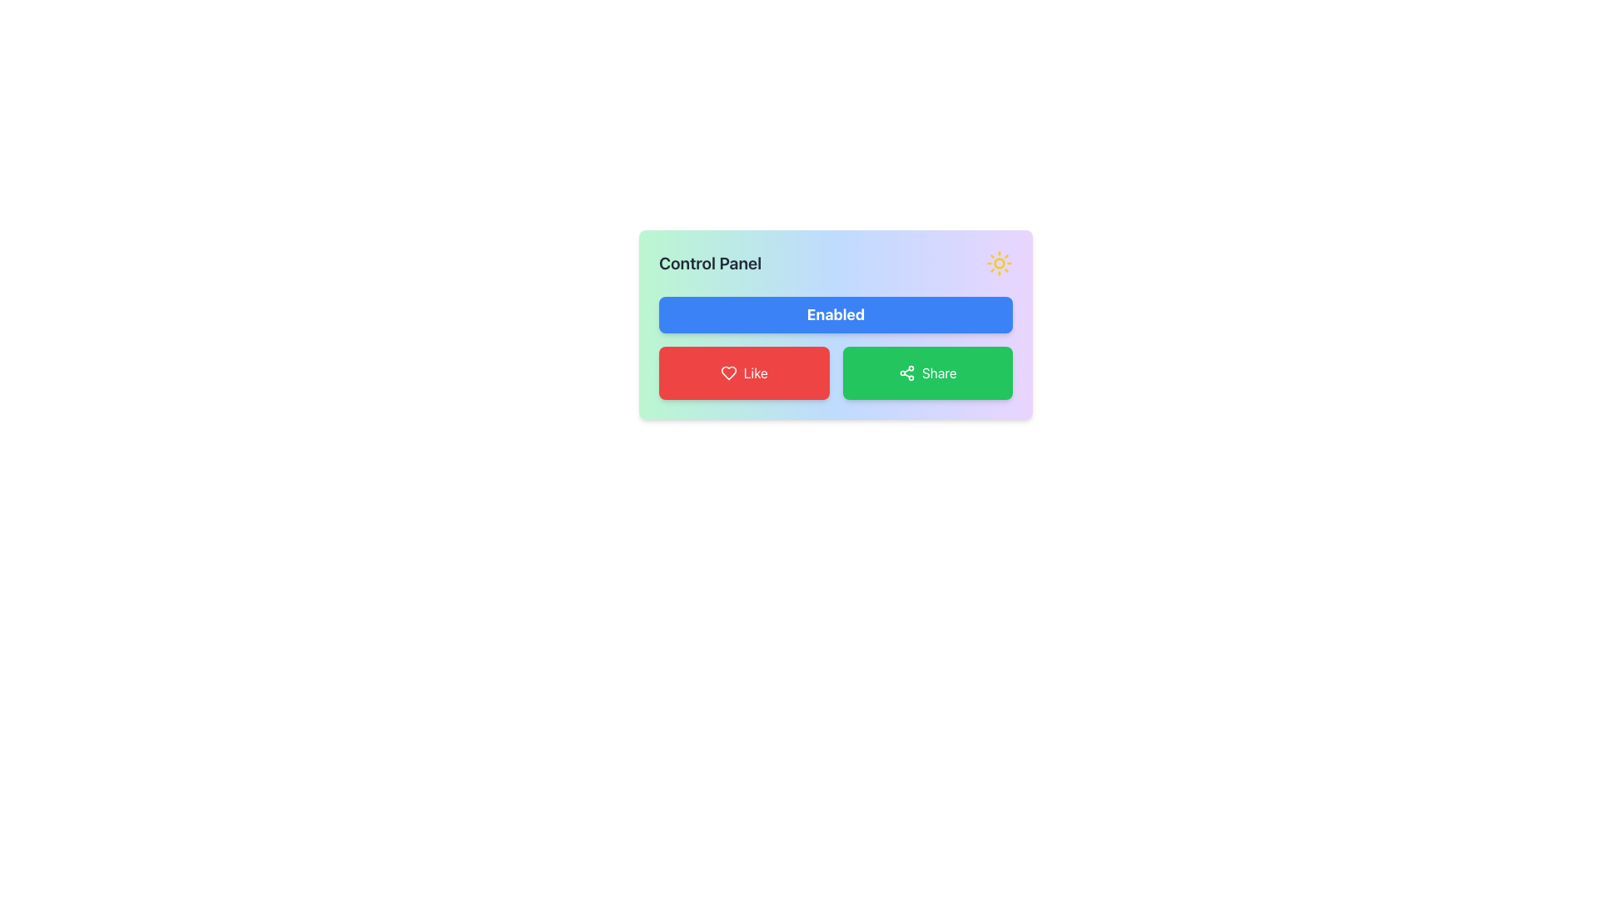 Image resolution: width=1598 pixels, height=898 pixels. Describe the element at coordinates (906, 372) in the screenshot. I see `the 'Share' icon located centrally within the 'Share' button at the bottom-right of the control panel` at that location.